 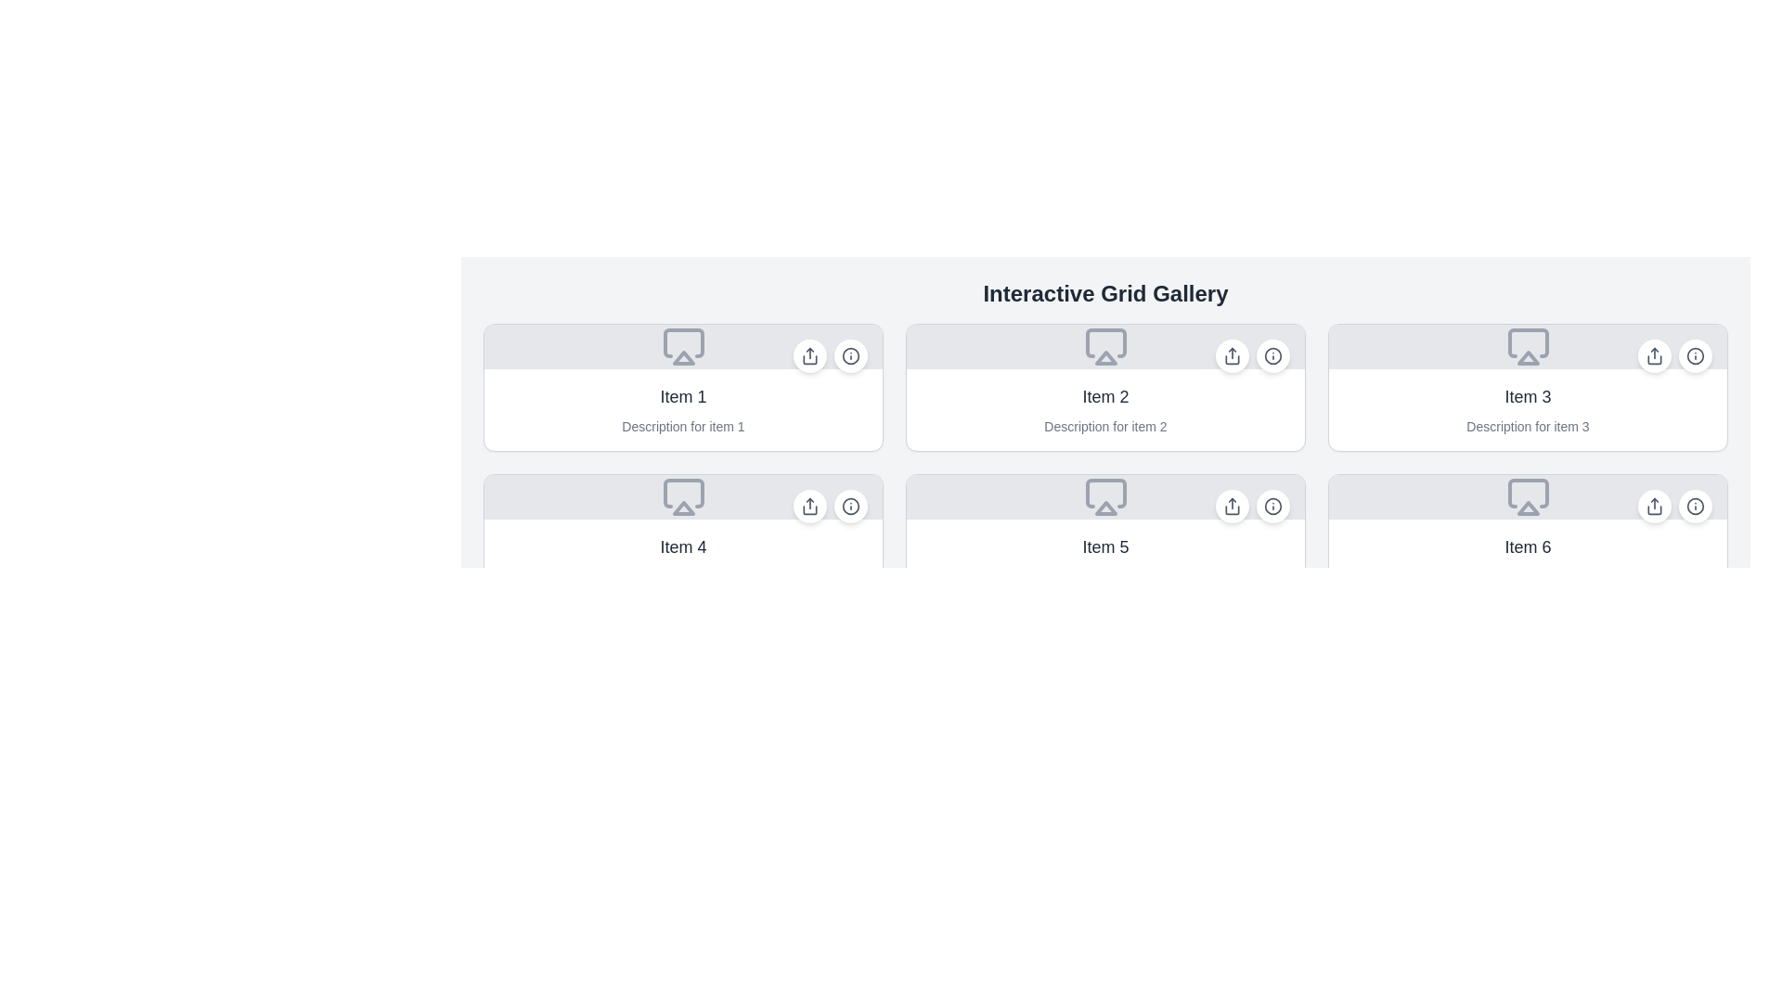 I want to click on the hoverable overlay located on the last card in the second row, which overlays the title 'Item 6' and the description 'Description for item 6', so click(x=1528, y=537).